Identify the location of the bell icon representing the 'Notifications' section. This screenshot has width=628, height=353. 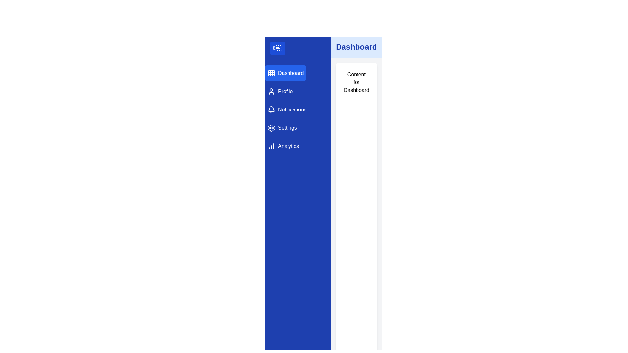
(271, 109).